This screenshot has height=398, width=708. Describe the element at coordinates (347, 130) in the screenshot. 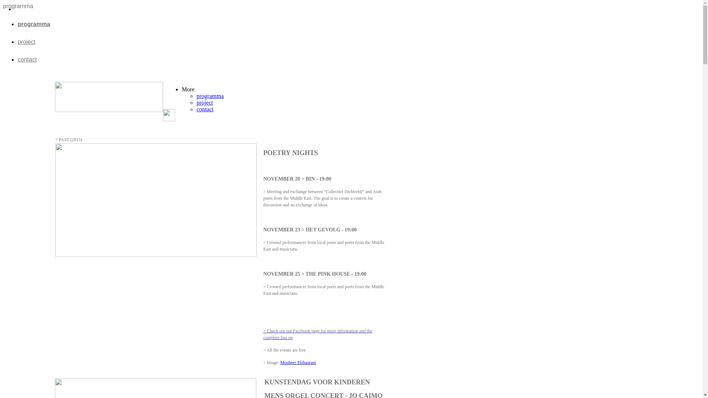

I see `'> inschrijven nieuwsbrief'` at that location.